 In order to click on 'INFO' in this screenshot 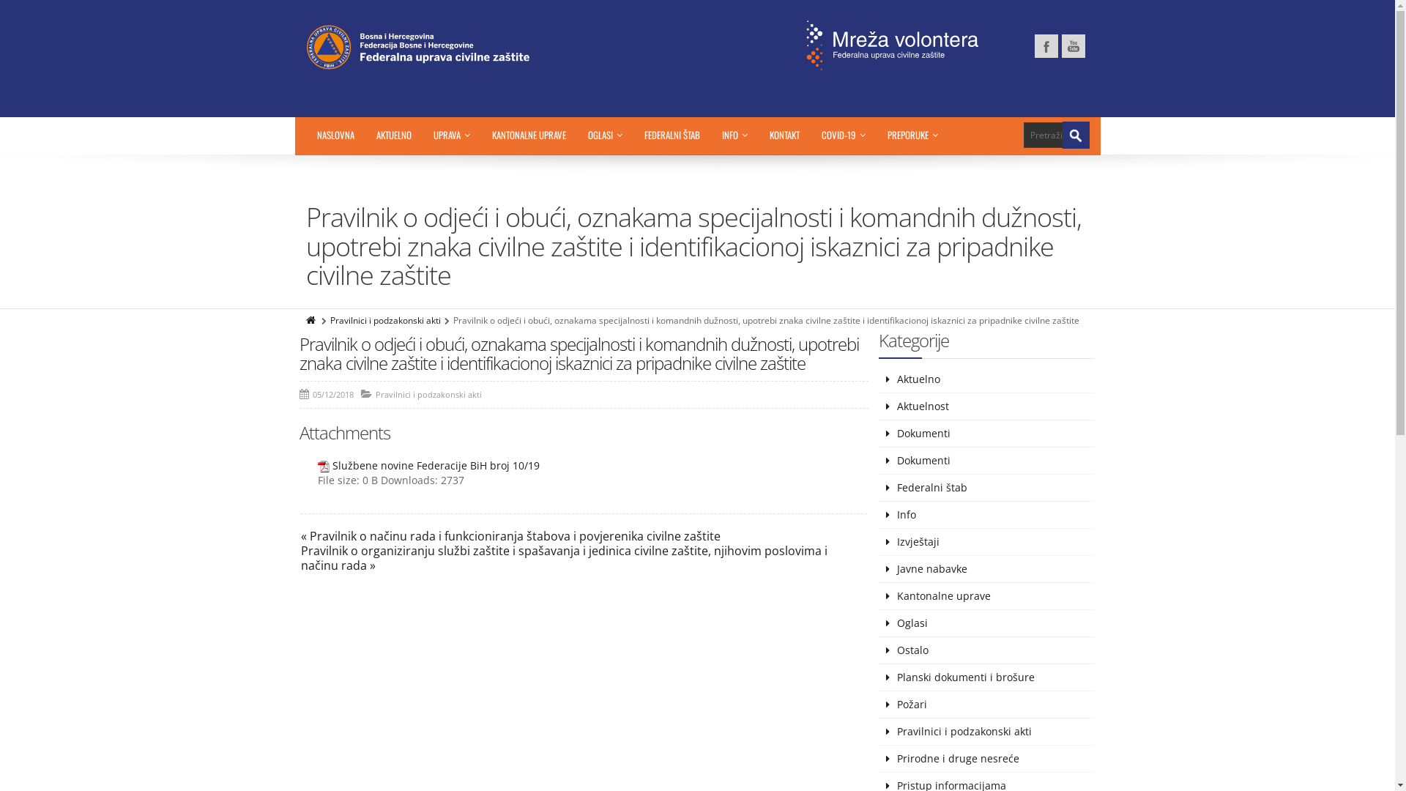, I will do `click(734, 135)`.